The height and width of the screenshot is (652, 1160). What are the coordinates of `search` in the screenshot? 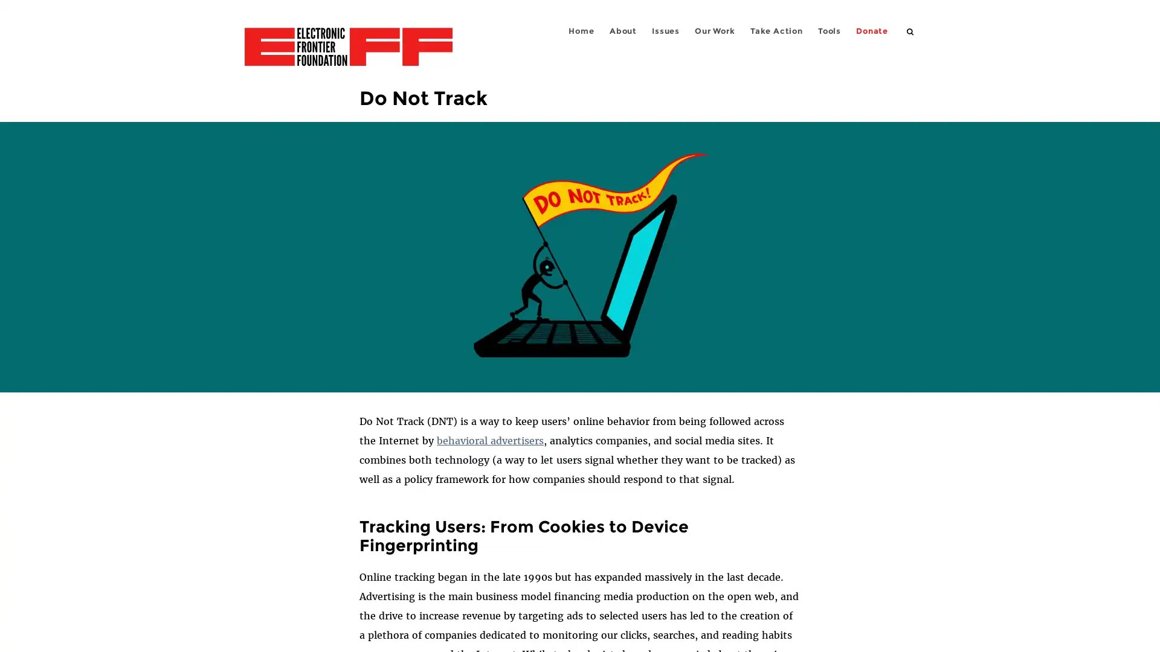 It's located at (910, 30).